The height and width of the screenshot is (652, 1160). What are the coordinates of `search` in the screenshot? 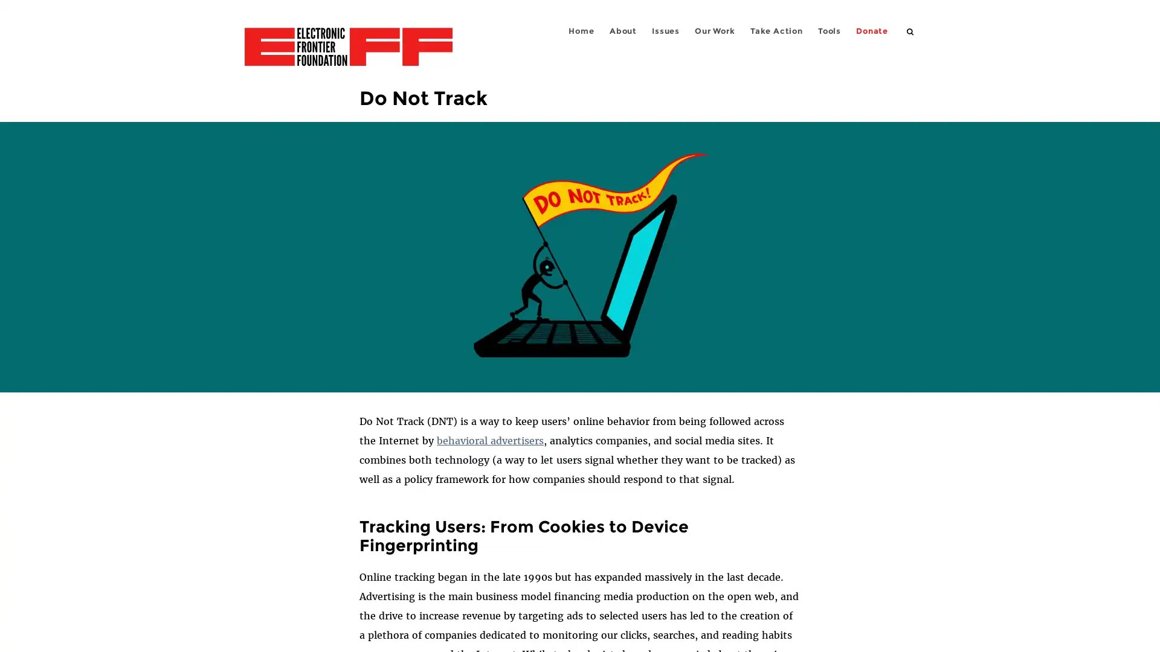 It's located at (910, 30).